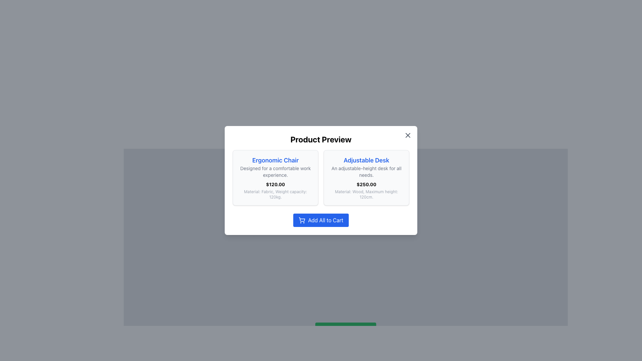 Image resolution: width=642 pixels, height=361 pixels. What do you see at coordinates (276, 171) in the screenshot?
I see `the static text that provides a brief description of the product 'Ergonomic Chair', located below the title and above the price information` at bounding box center [276, 171].